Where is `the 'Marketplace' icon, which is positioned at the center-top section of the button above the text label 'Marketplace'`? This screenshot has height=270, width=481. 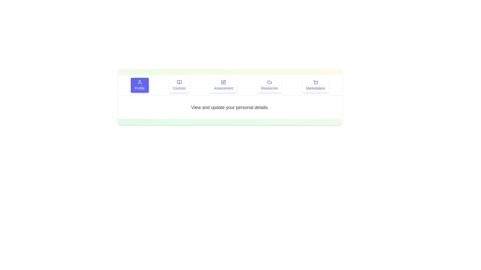
the 'Marketplace' icon, which is positioned at the center-top section of the button above the text label 'Marketplace' is located at coordinates (315, 82).